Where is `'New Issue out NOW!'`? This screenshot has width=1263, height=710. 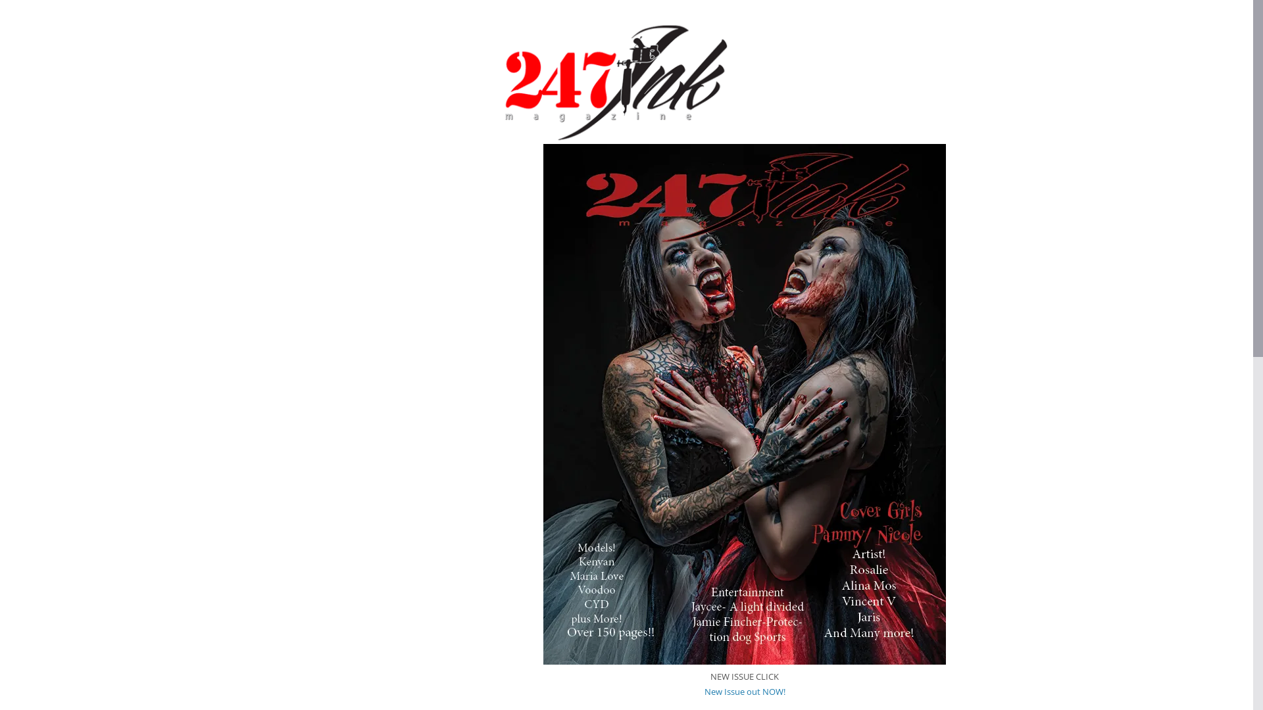
'New Issue out NOW!' is located at coordinates (745, 691).